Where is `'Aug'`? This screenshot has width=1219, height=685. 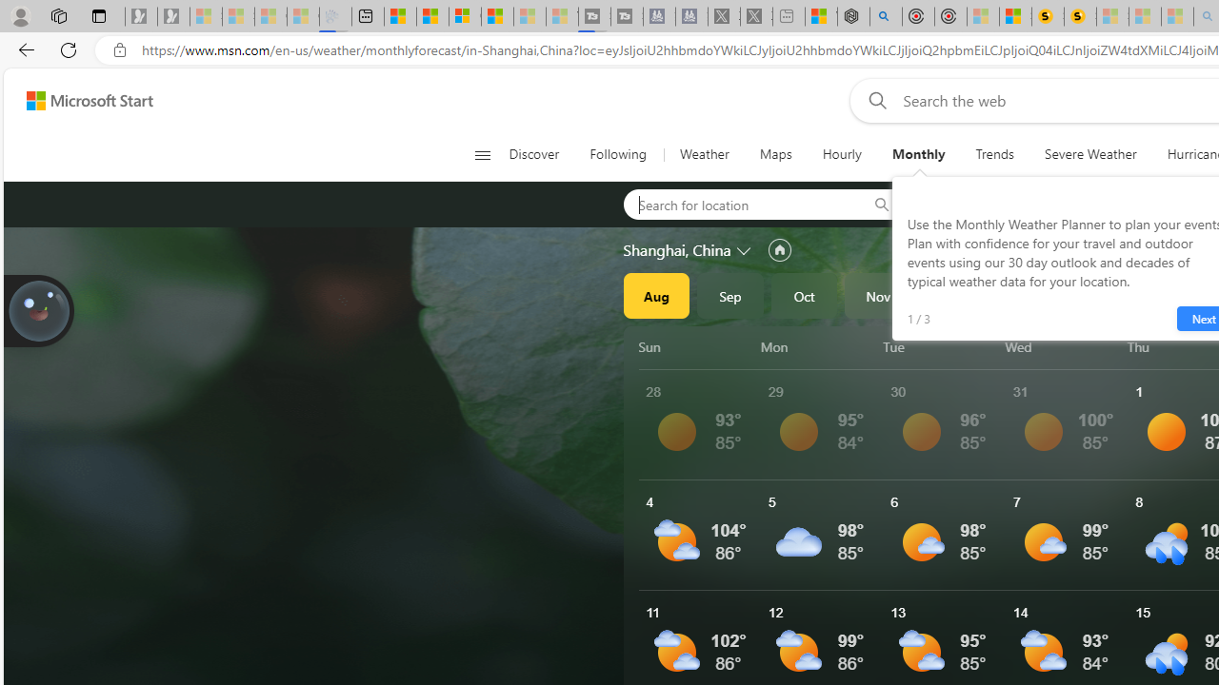
'Aug' is located at coordinates (656, 296).